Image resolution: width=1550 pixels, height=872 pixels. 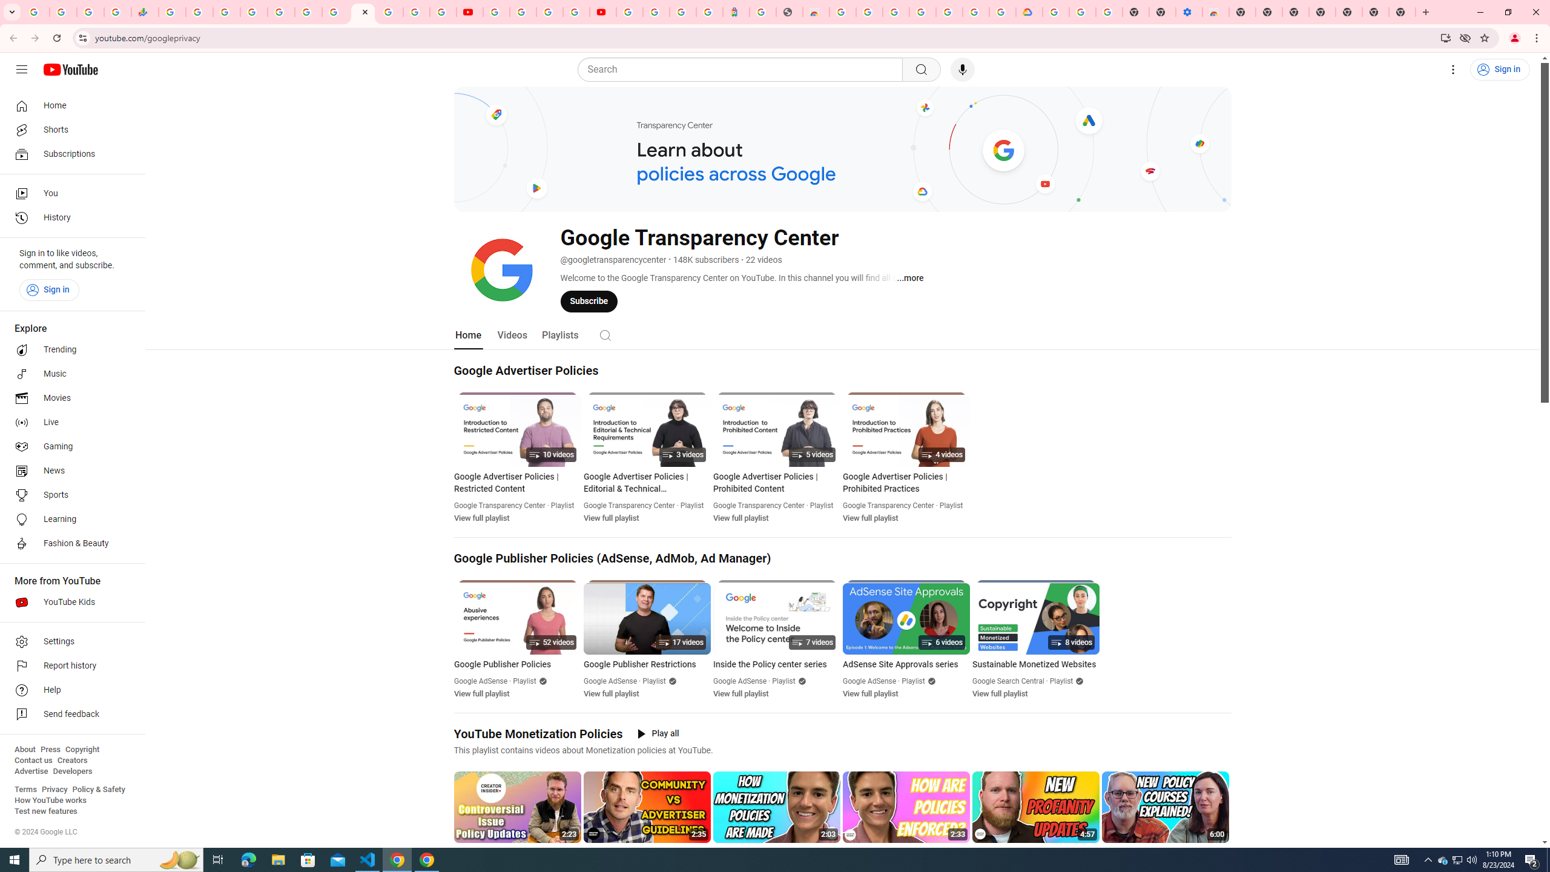 What do you see at coordinates (45, 810) in the screenshot?
I see `'Test new features'` at bounding box center [45, 810].